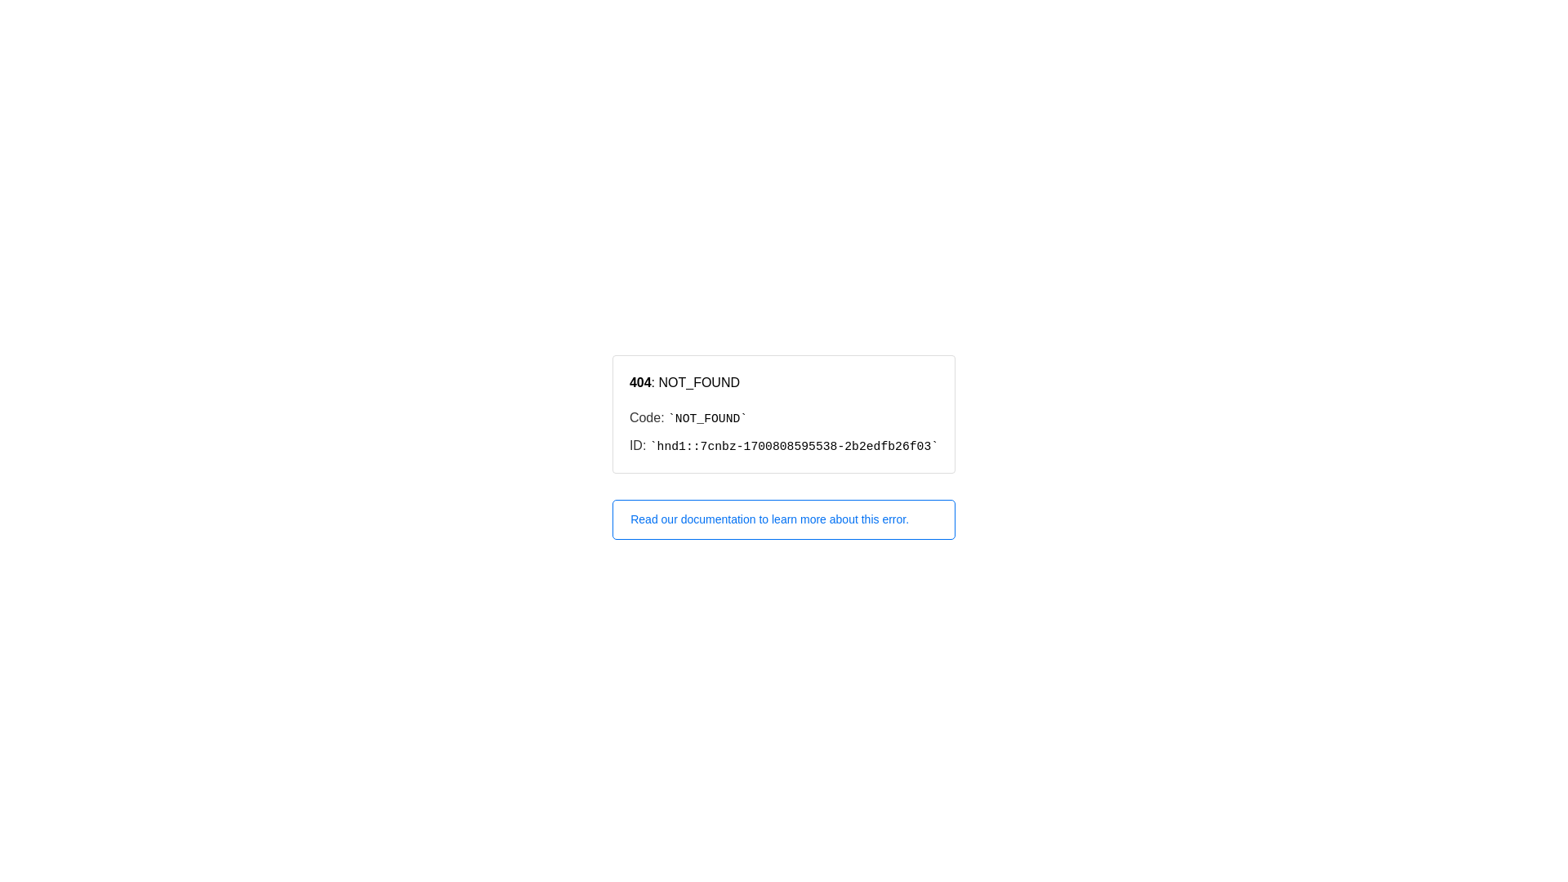 Image resolution: width=1568 pixels, height=882 pixels. I want to click on 'Read our documentation to learn more about this error.', so click(784, 519).